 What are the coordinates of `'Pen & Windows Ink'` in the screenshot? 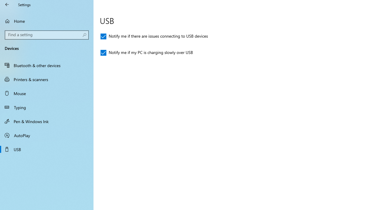 It's located at (47, 121).